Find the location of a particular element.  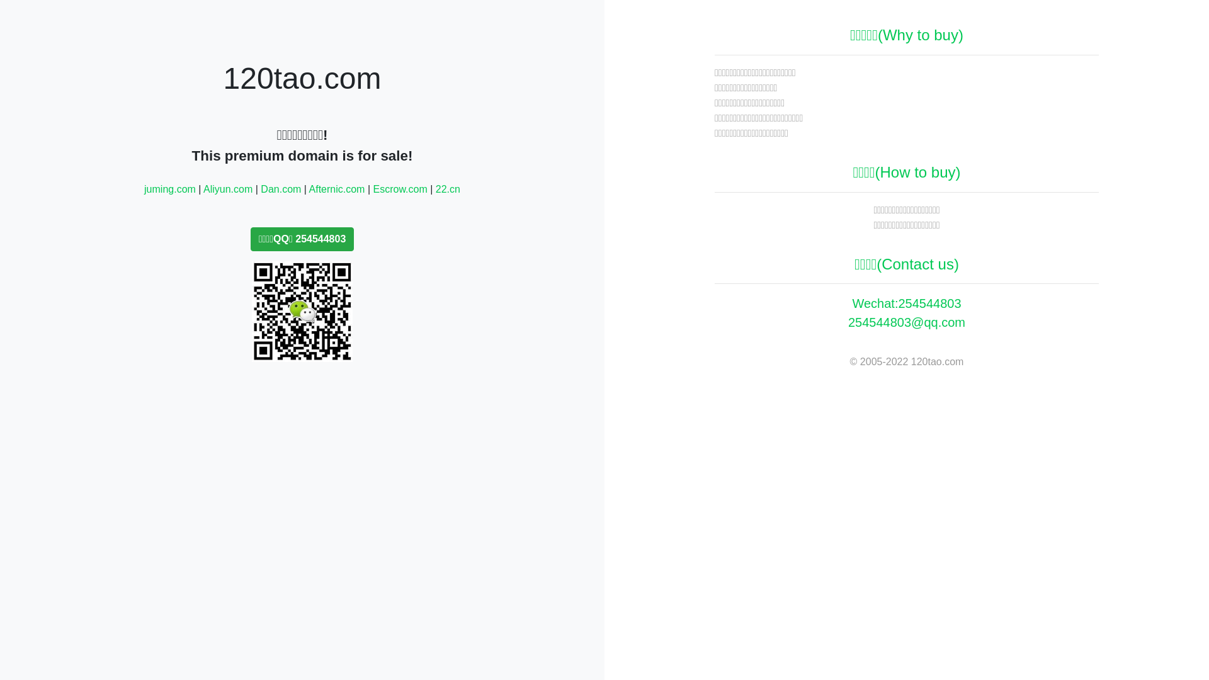

'Afternic.com' is located at coordinates (337, 189).